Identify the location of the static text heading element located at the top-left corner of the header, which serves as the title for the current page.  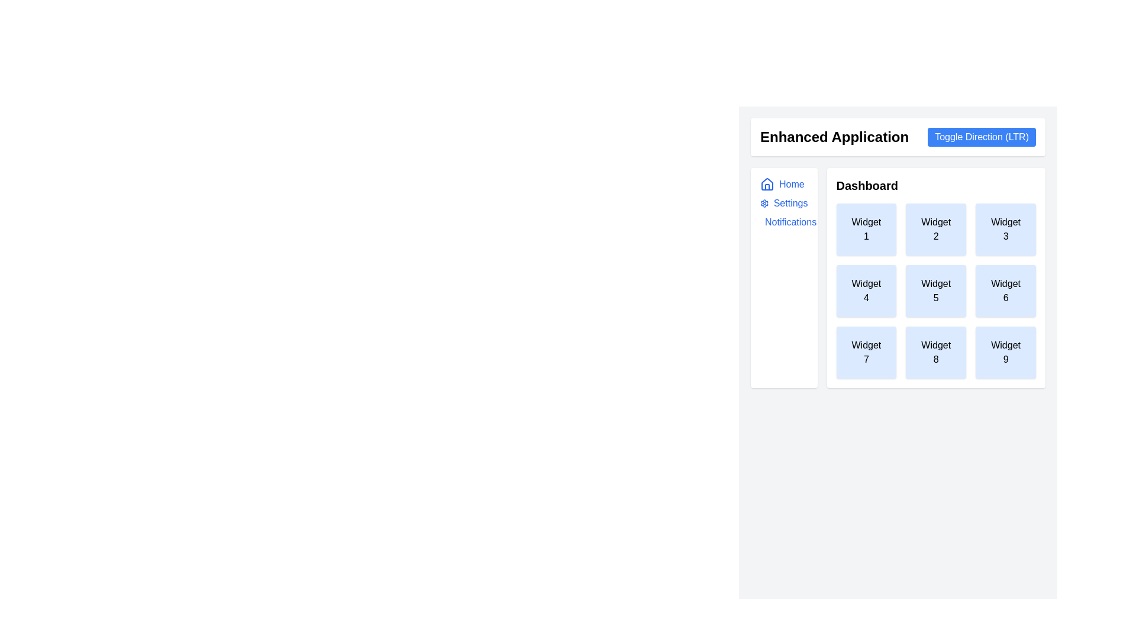
(834, 136).